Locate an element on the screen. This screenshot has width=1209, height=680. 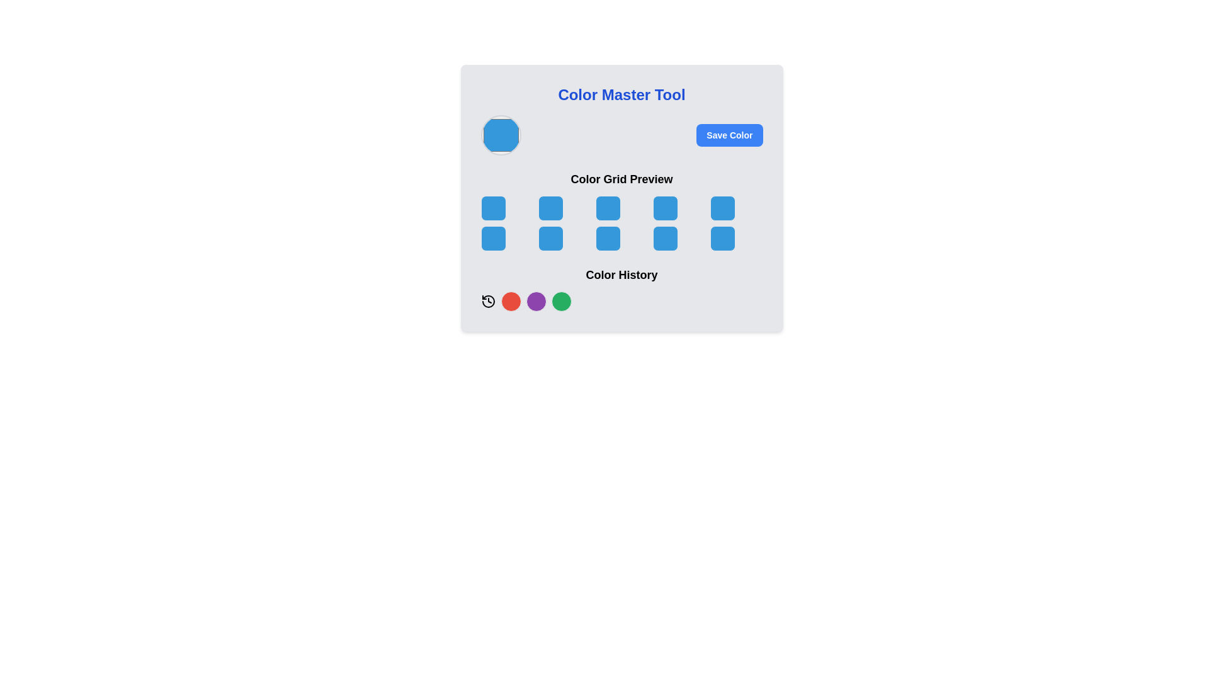
text content of the section header that labels the grid of colors displayed below it, located just above the grid and below the 'Save Color' button is located at coordinates (622, 179).